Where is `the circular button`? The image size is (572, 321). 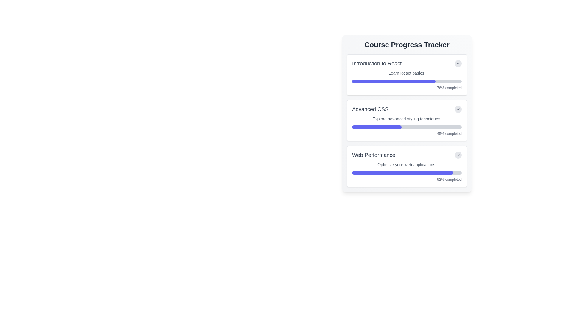 the circular button is located at coordinates (458, 109).